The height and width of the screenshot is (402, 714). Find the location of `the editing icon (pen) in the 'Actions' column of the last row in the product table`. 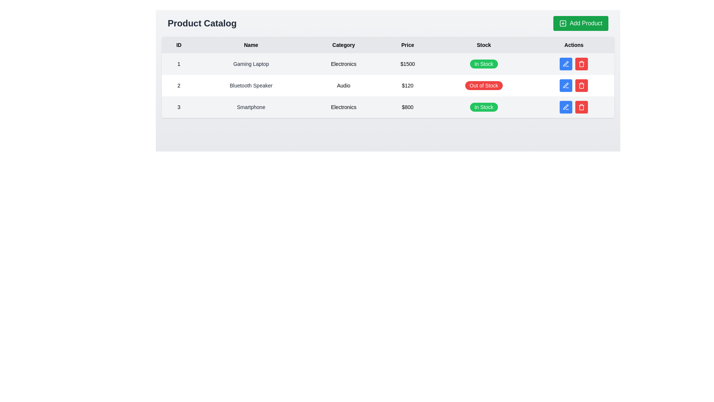

the editing icon (pen) in the 'Actions' column of the last row in the product table is located at coordinates (566, 107).